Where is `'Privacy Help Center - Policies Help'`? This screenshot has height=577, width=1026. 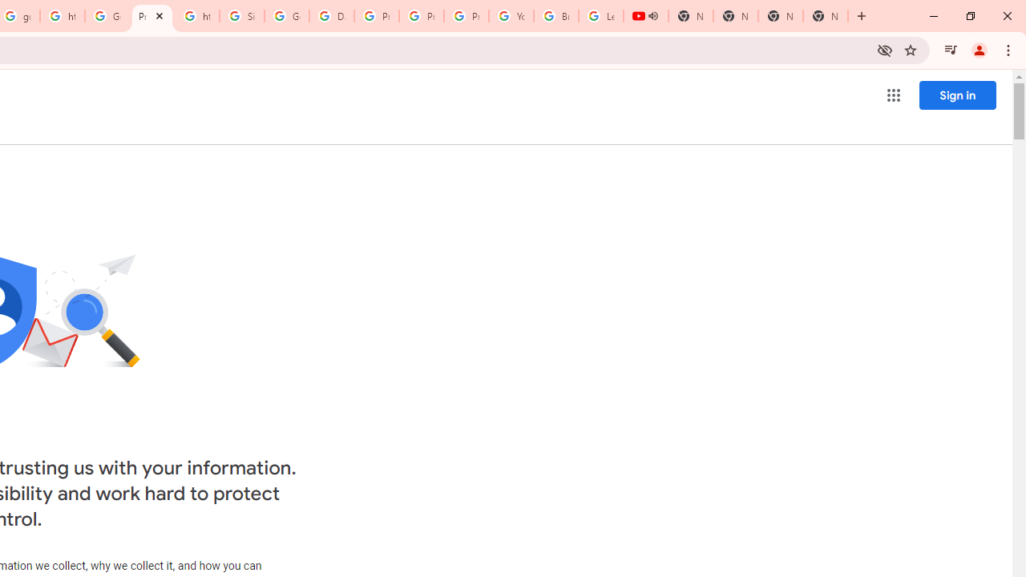
'Privacy Help Center - Policies Help' is located at coordinates (375, 16).